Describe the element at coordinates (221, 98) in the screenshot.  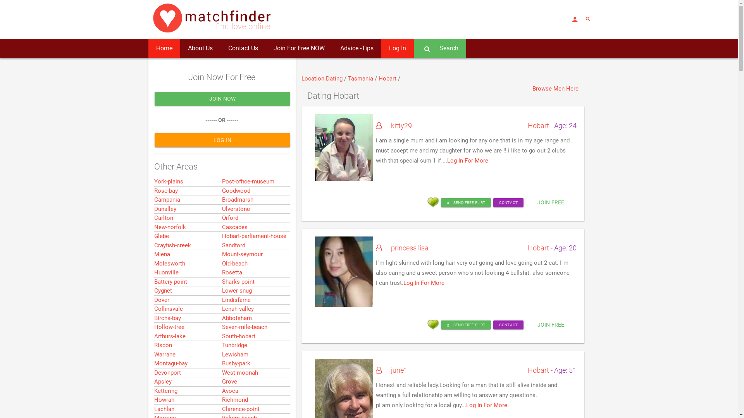
I see `'JOIN NOW'` at that location.